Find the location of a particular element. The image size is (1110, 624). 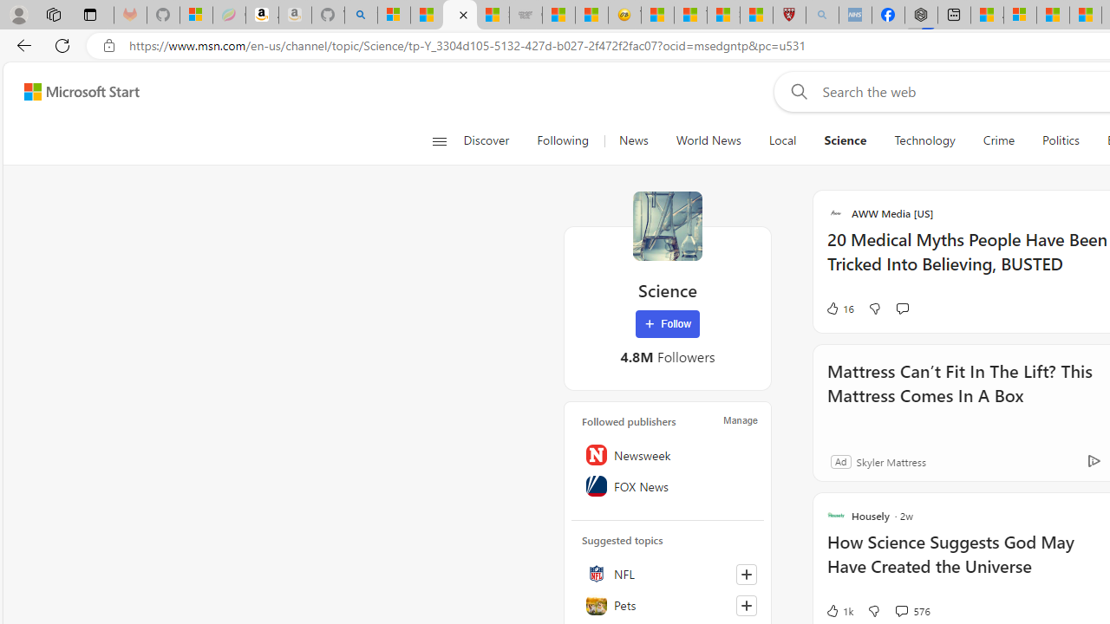

'Newsweek' is located at coordinates (667, 454).